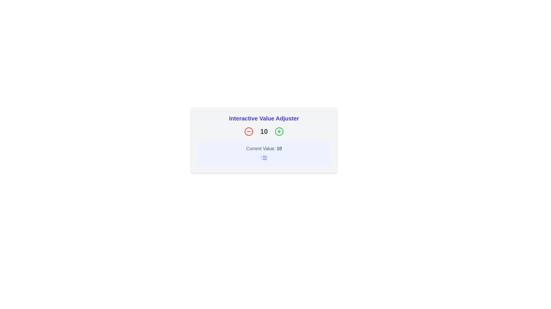 This screenshot has width=551, height=309. What do you see at coordinates (279, 131) in the screenshot?
I see `the Increment button styled as an icon located to the right of the number '10' in the 'Interactive Value Adjuster' interface to increase the value` at bounding box center [279, 131].